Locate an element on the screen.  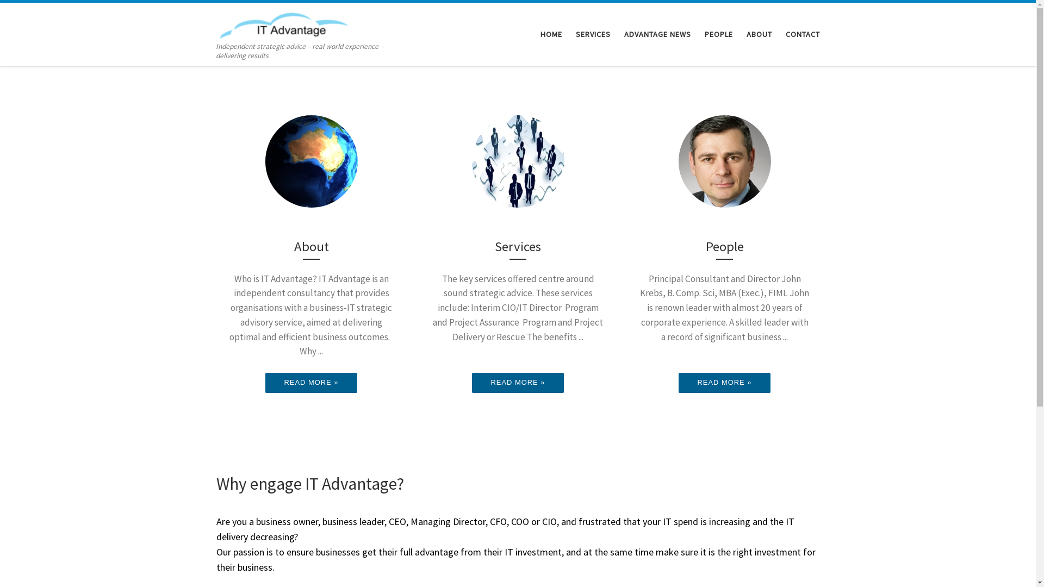
'Skip to content' is located at coordinates (41, 15).